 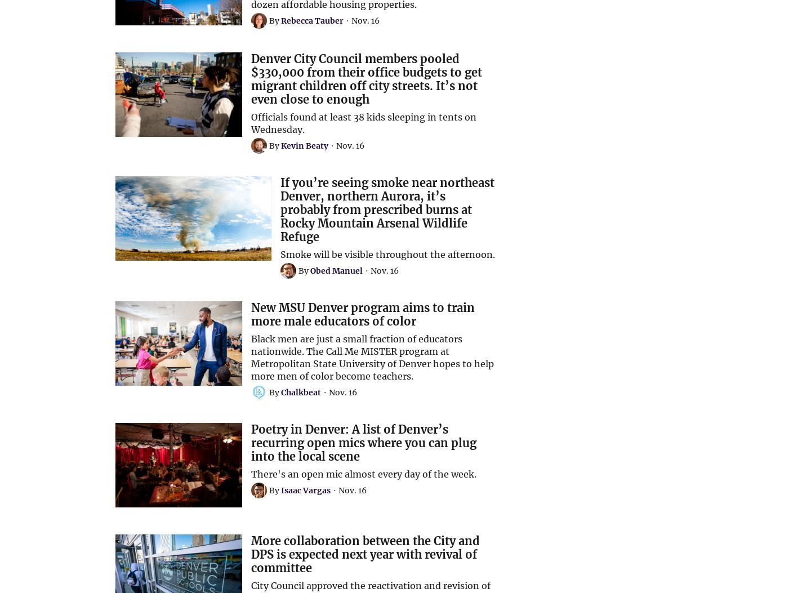 What do you see at coordinates (365, 554) in the screenshot?
I see `'More collaboration between the City and DPS is expected next year with revival of committee'` at bounding box center [365, 554].